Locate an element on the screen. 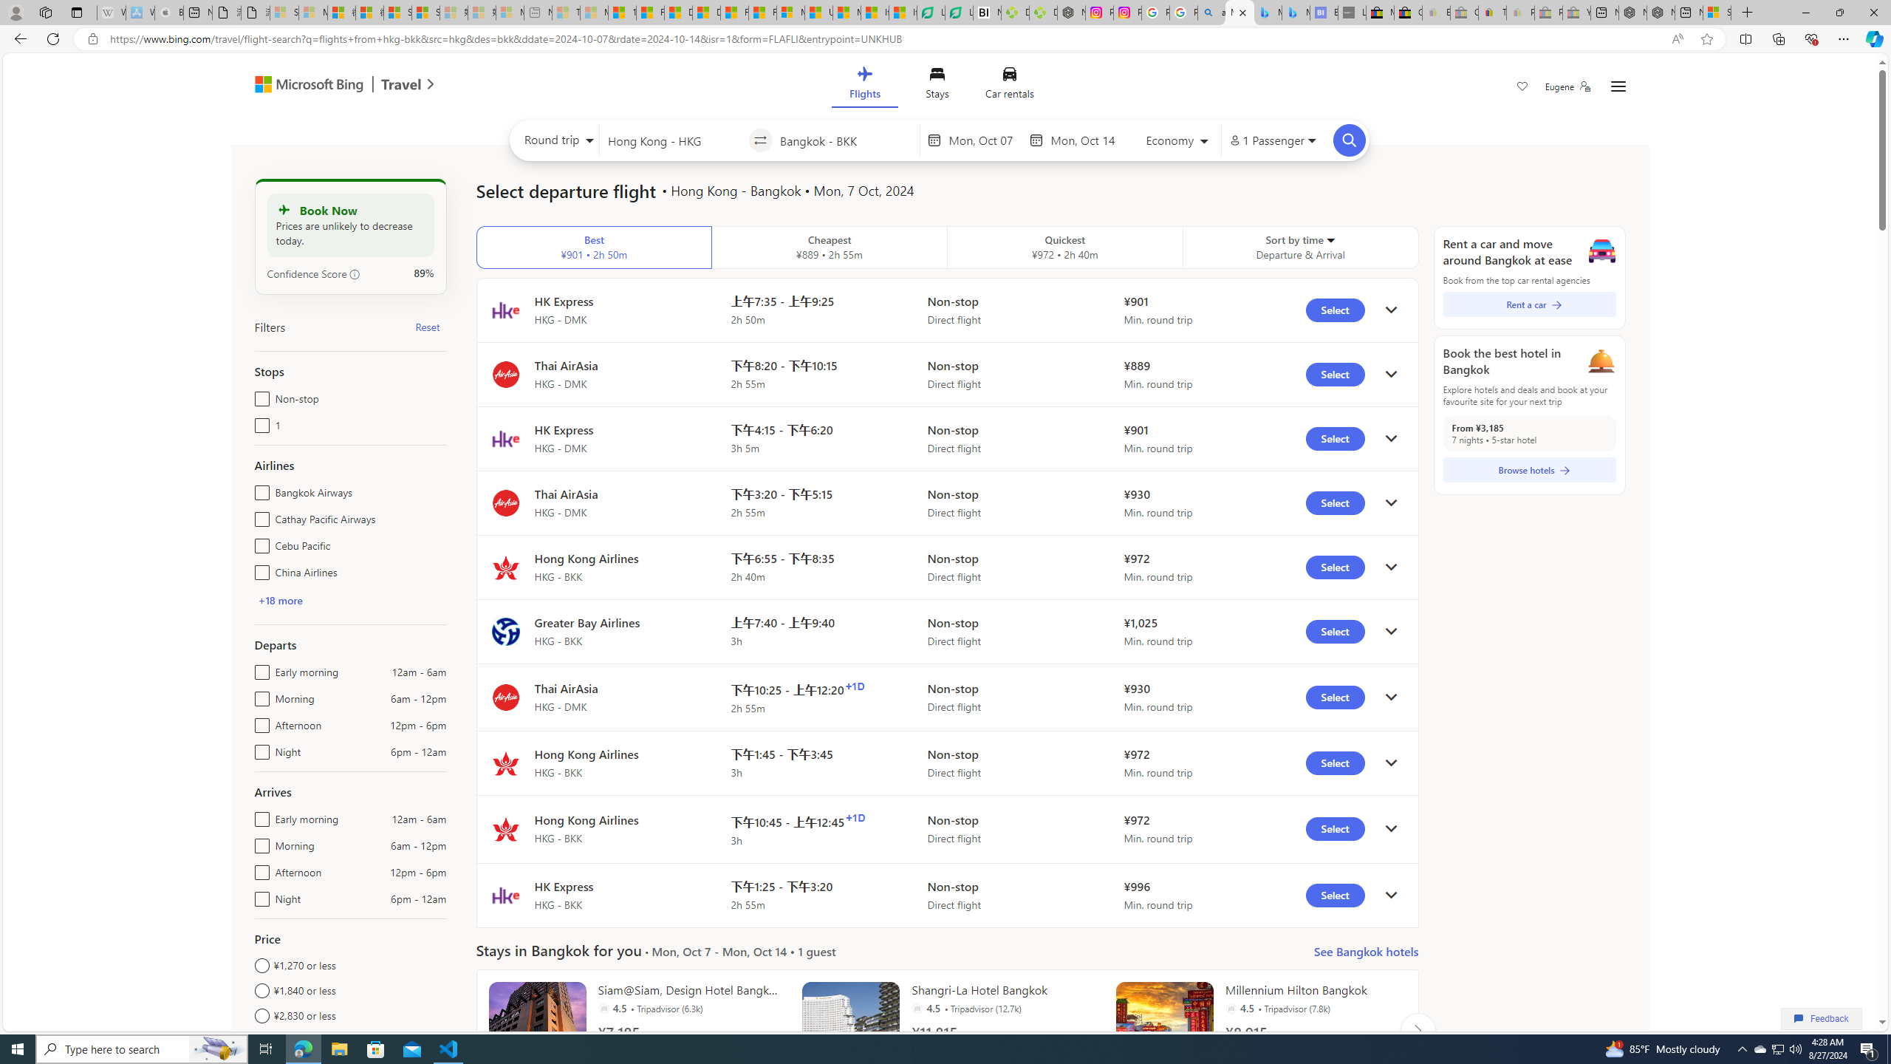  'Threats and offensive language policy | eBay' is located at coordinates (1493, 12).